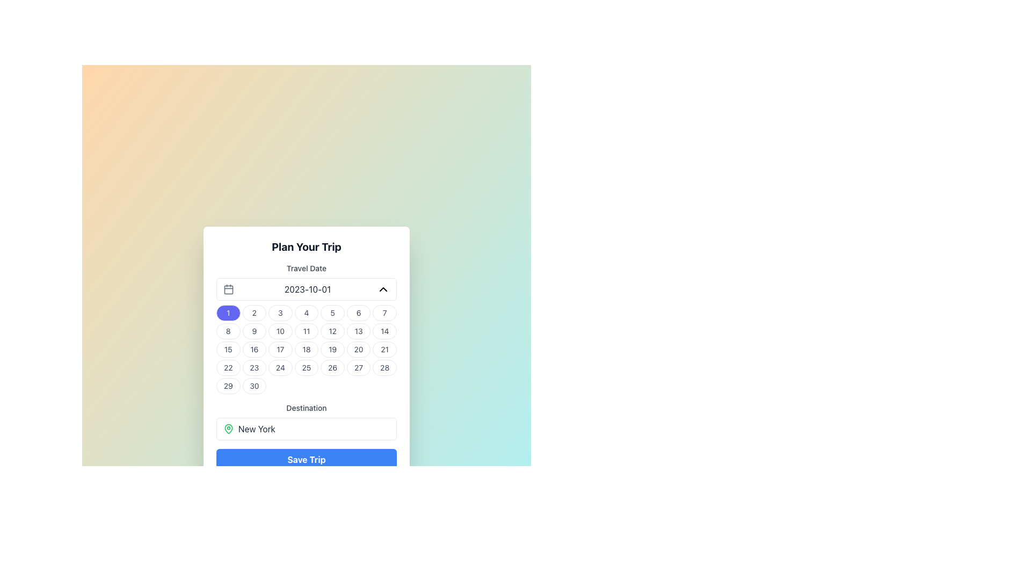  What do you see at coordinates (306, 350) in the screenshot?
I see `the button in the fifth row, fourth column of the calendar grid` at bounding box center [306, 350].